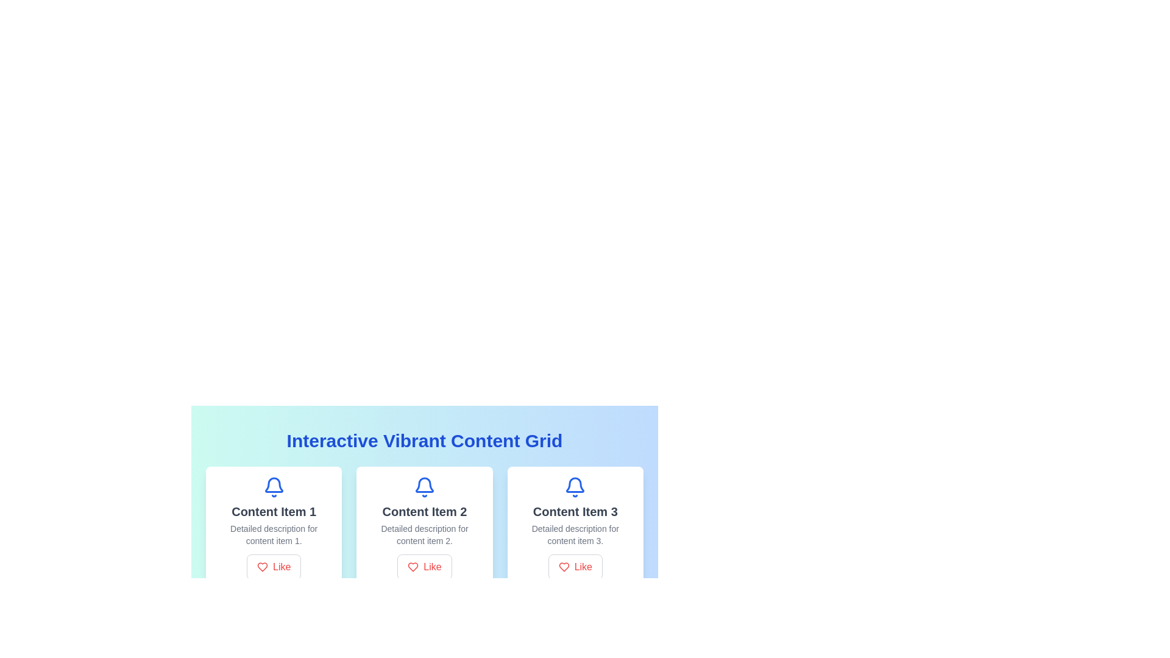 This screenshot has height=658, width=1170. I want to click on the 'Like' icon located in the lower section of the second card in a horizontal group of three cards to express preference for the associated content, so click(413, 567).